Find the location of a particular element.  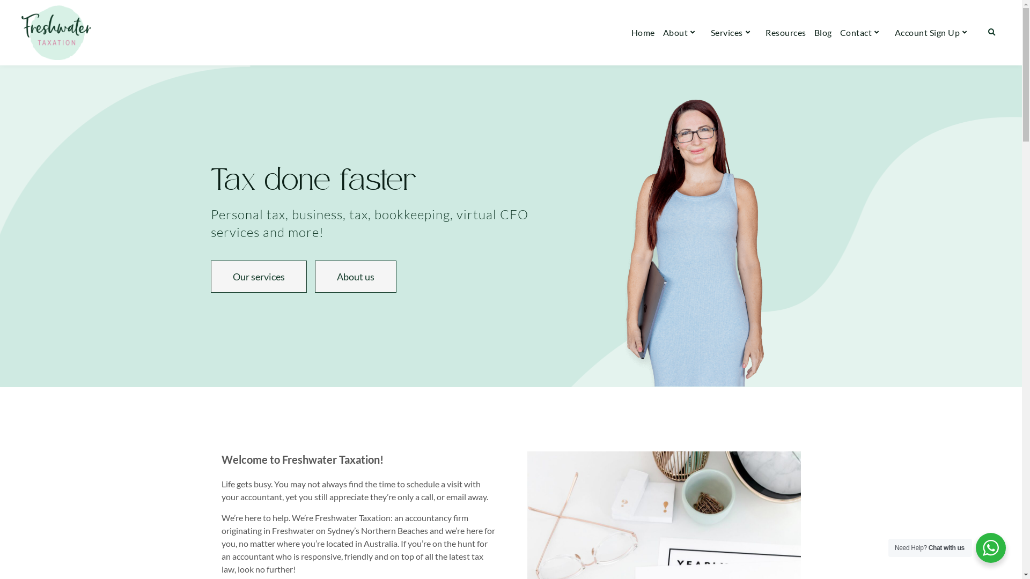

'Services' is located at coordinates (733, 32).